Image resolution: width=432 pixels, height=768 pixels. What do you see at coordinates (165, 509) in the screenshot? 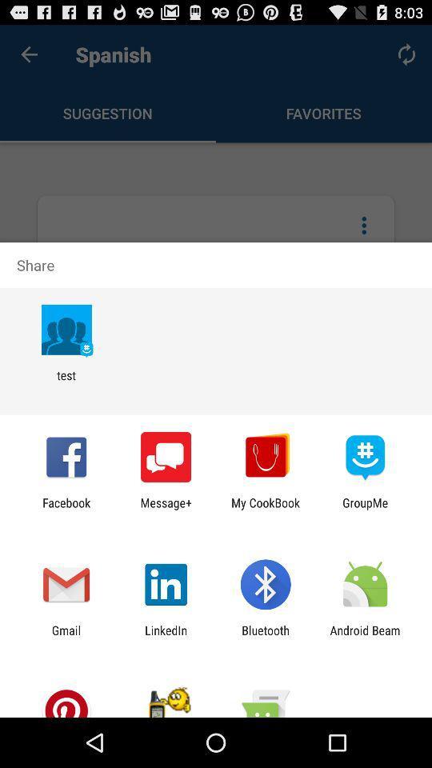
I see `message+ app` at bounding box center [165, 509].